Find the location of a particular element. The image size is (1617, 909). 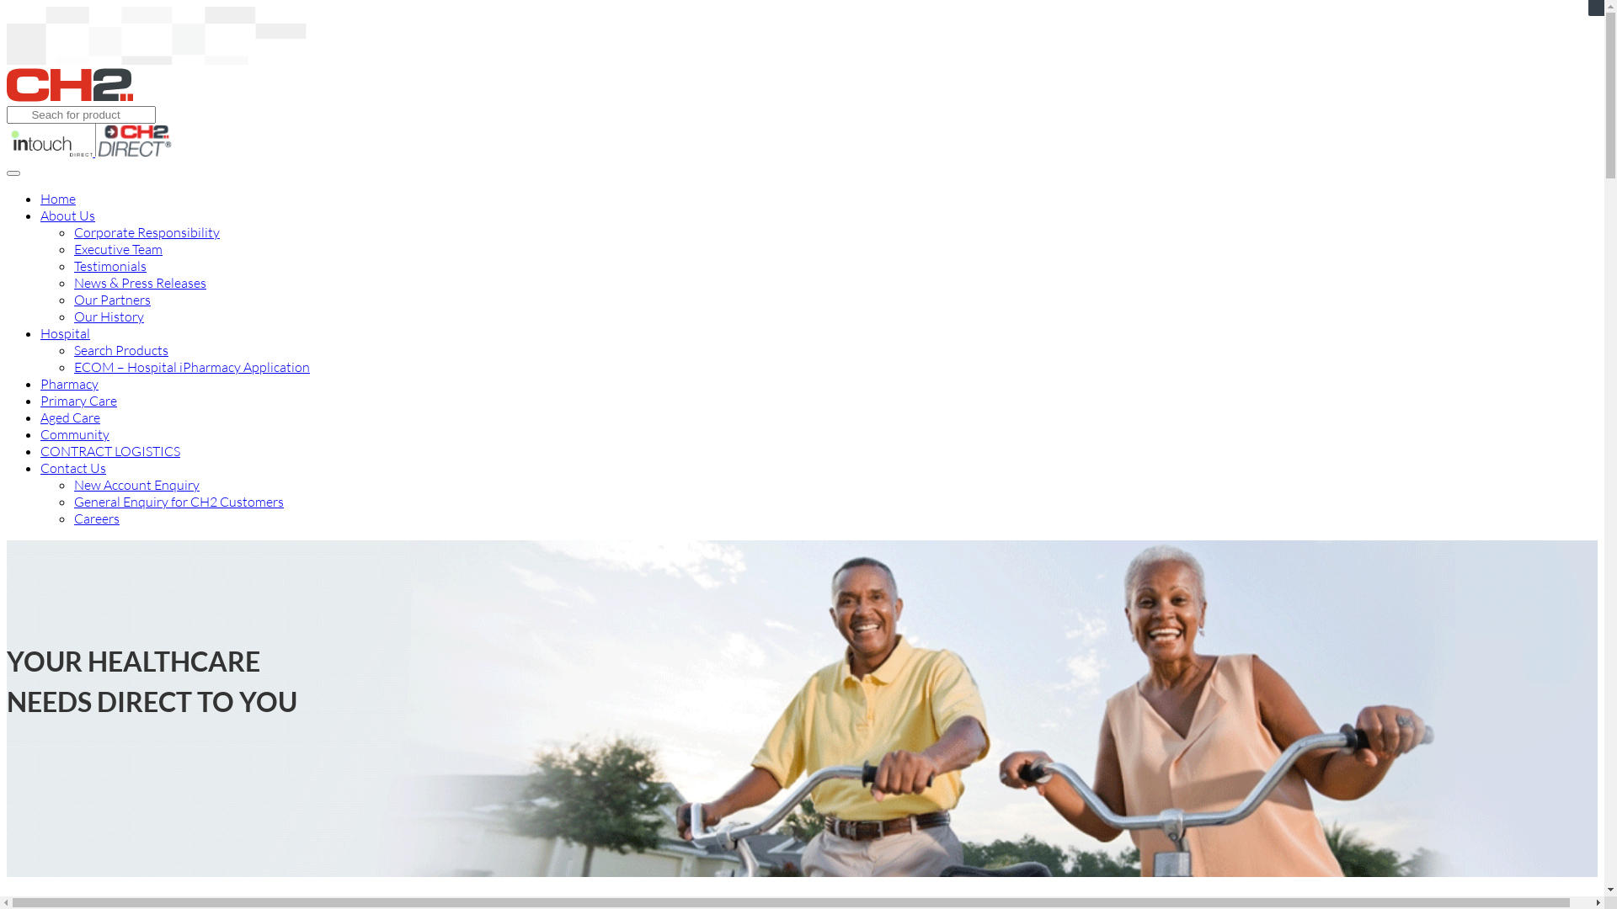

'Corporate Responsibility' is located at coordinates (147, 232).